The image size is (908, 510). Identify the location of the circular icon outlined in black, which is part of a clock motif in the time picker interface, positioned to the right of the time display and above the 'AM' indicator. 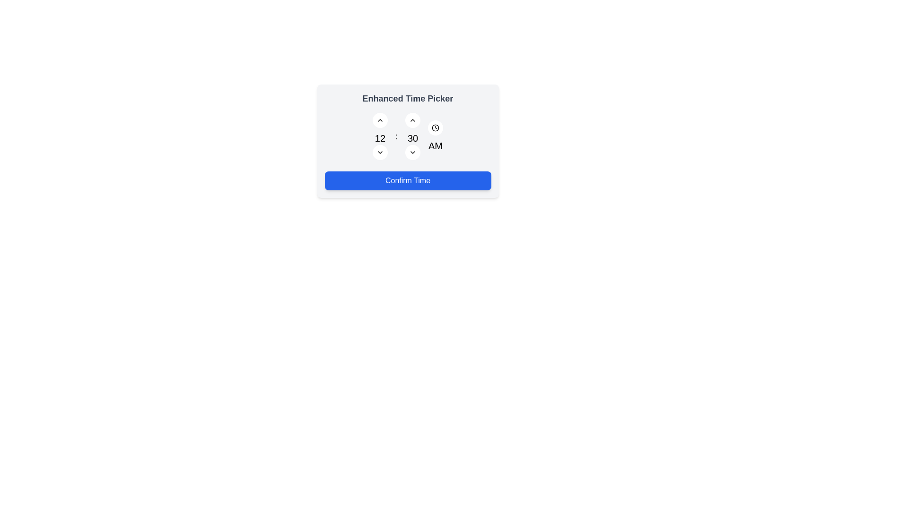
(435, 127).